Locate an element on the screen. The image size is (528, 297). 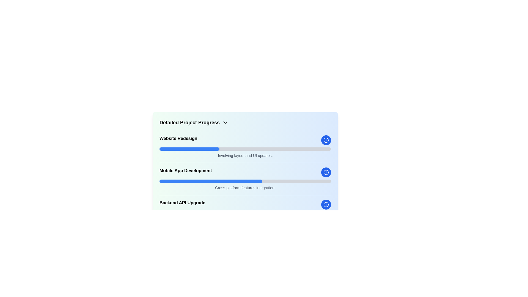
the information button icon, which is a circular button with a blue background located to the right of the 'Mobile App Development' section is located at coordinates (326, 140).